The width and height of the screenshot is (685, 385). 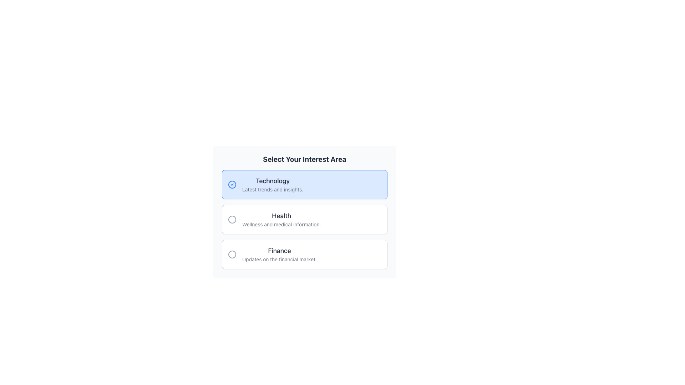 I want to click on the 'Technology' label at the top of the selection box indicating the first selectable option in the list, so click(x=272, y=181).